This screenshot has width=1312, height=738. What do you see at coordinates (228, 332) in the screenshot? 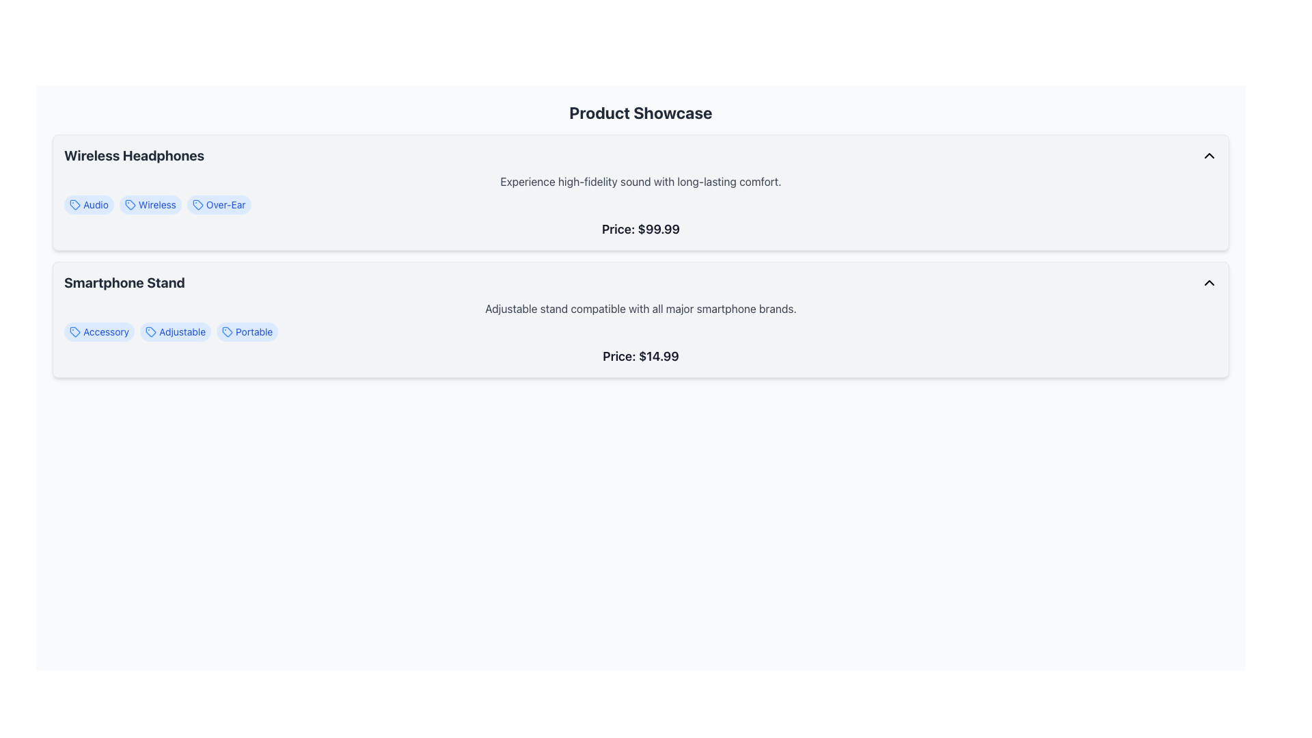
I see `the icon associated with the 'Portable' label, located in the second row under the 'Product Showcase' header, in the rightmost tag category for 'Smartphone Stand'` at bounding box center [228, 332].